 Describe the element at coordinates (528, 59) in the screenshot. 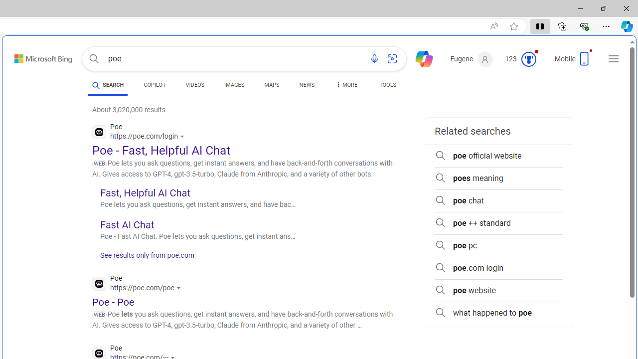

I see `'Class: medal-circled'` at that location.